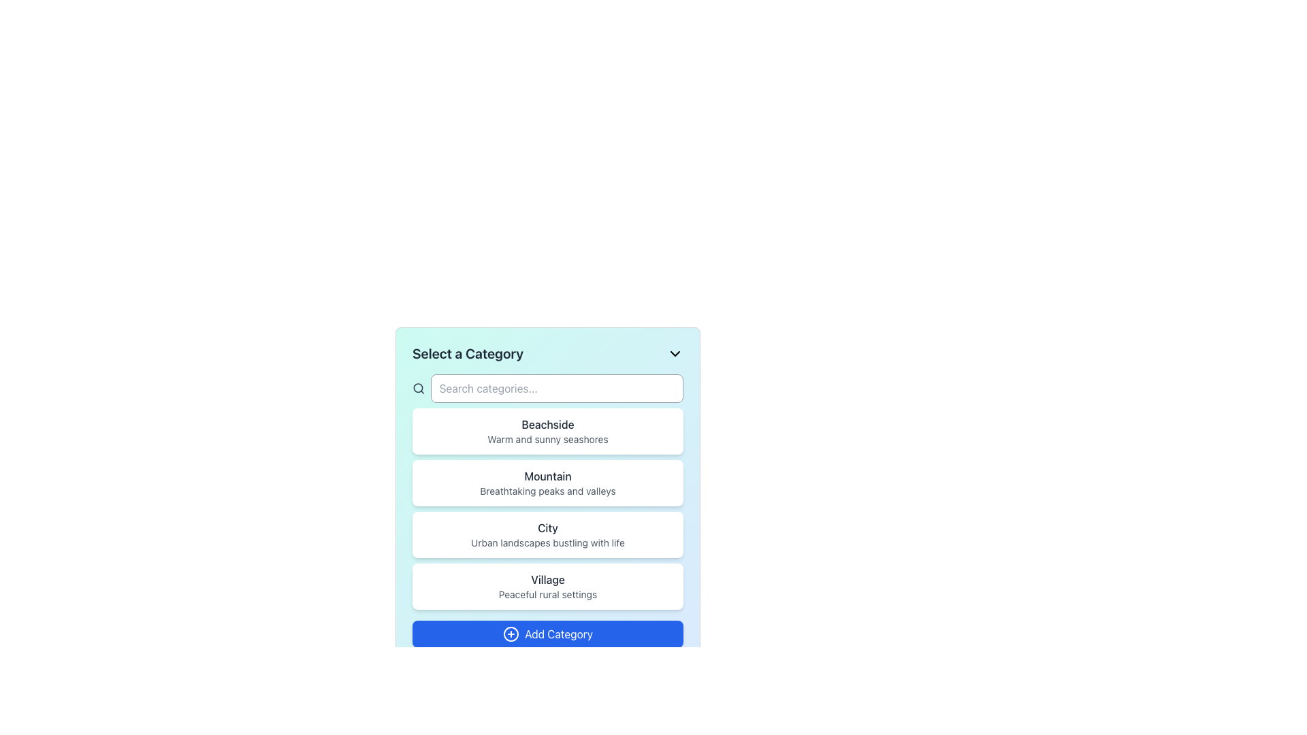 The image size is (1307, 735). What do you see at coordinates (548, 431) in the screenshot?
I see `the 'Beachside' category button, which is a rectangular card with a white background and the text 'Beachside' in bold, located below the search bar` at bounding box center [548, 431].